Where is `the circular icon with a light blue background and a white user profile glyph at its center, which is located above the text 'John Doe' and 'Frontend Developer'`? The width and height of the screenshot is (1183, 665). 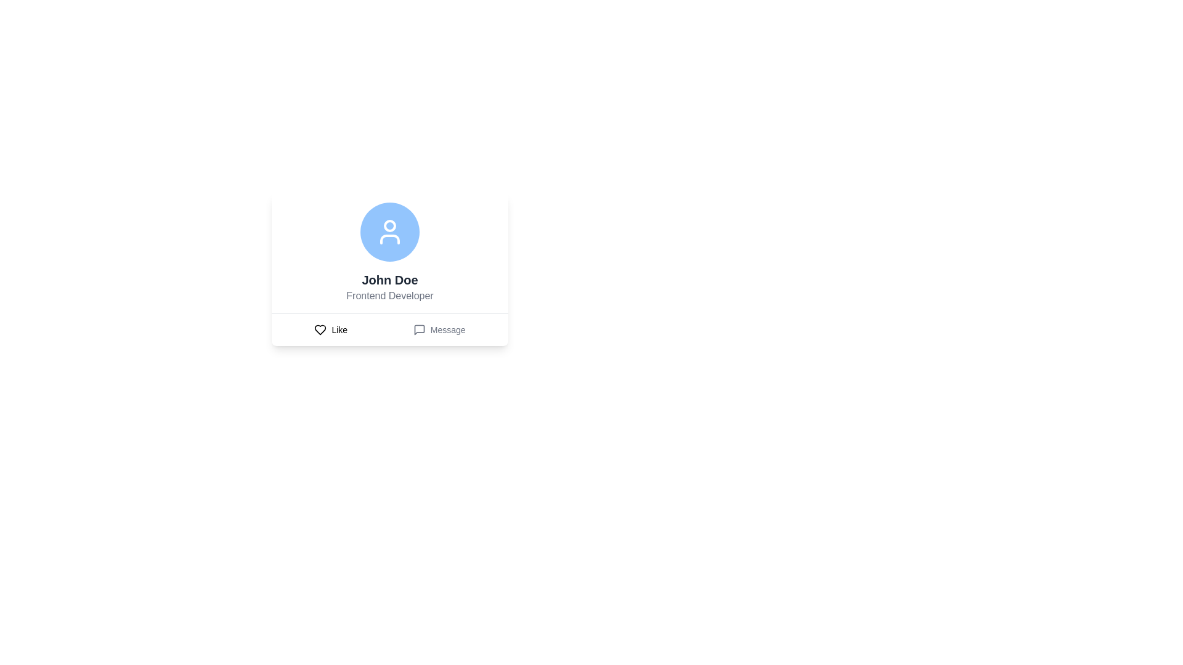
the circular icon with a light blue background and a white user profile glyph at its center, which is located above the text 'John Doe' and 'Frontend Developer' is located at coordinates (389, 232).